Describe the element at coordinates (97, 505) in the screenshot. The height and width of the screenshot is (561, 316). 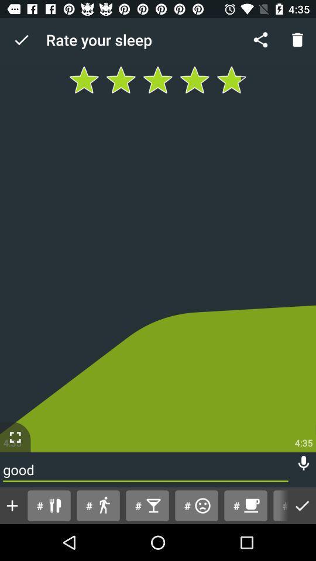
I see `the button to the right of # icon` at that location.